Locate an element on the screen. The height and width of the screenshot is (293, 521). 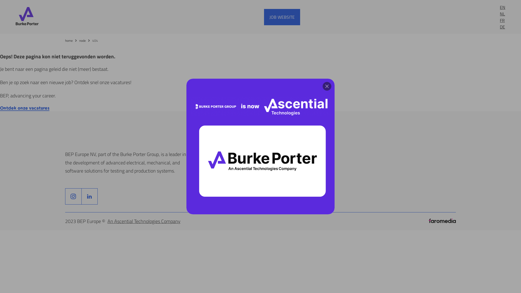
'An Ascential Technologies Company' is located at coordinates (144, 221).